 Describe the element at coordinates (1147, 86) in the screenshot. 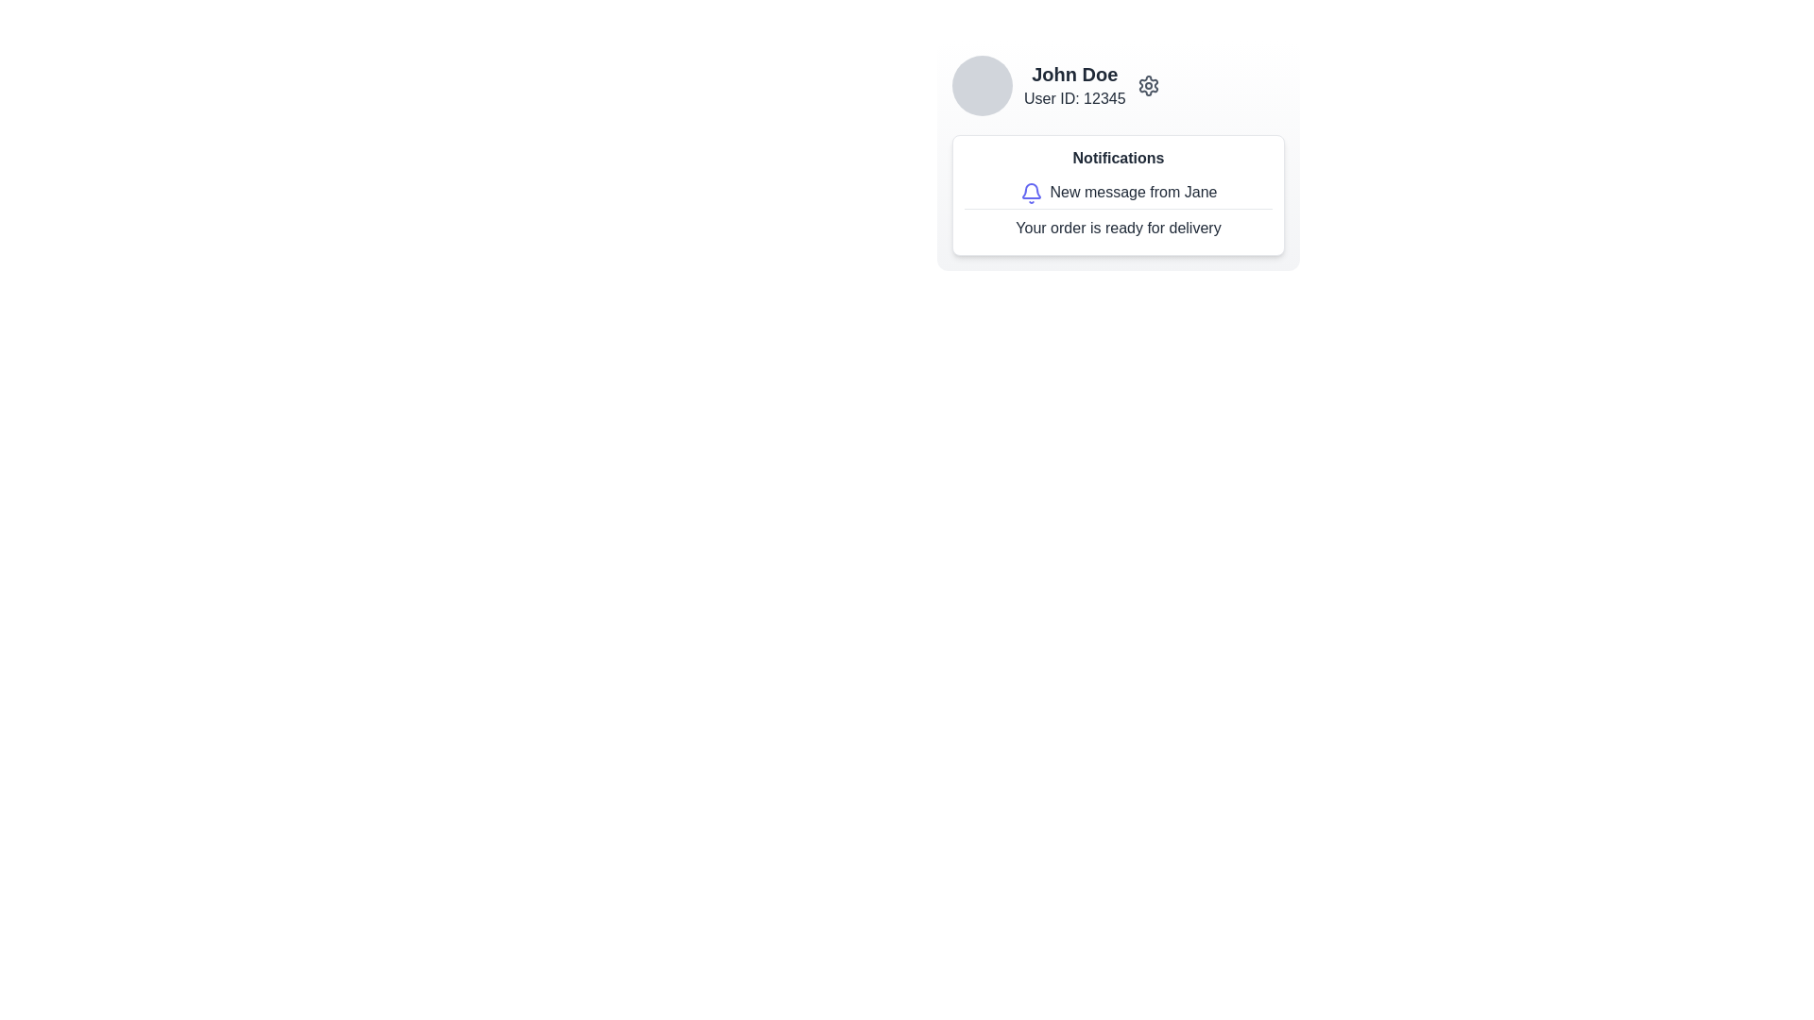

I see `the settings button to toggle the visibility of the notifications section` at that location.